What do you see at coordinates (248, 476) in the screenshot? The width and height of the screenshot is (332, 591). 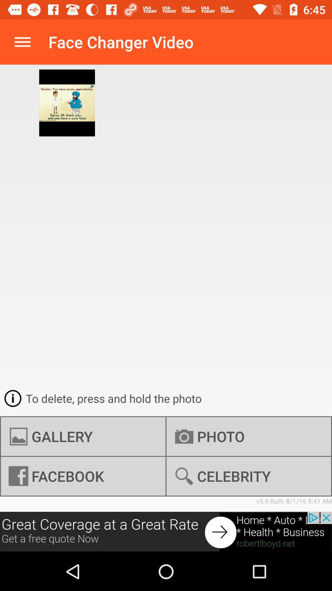 I see `the item to the right of the gallery icon` at bounding box center [248, 476].